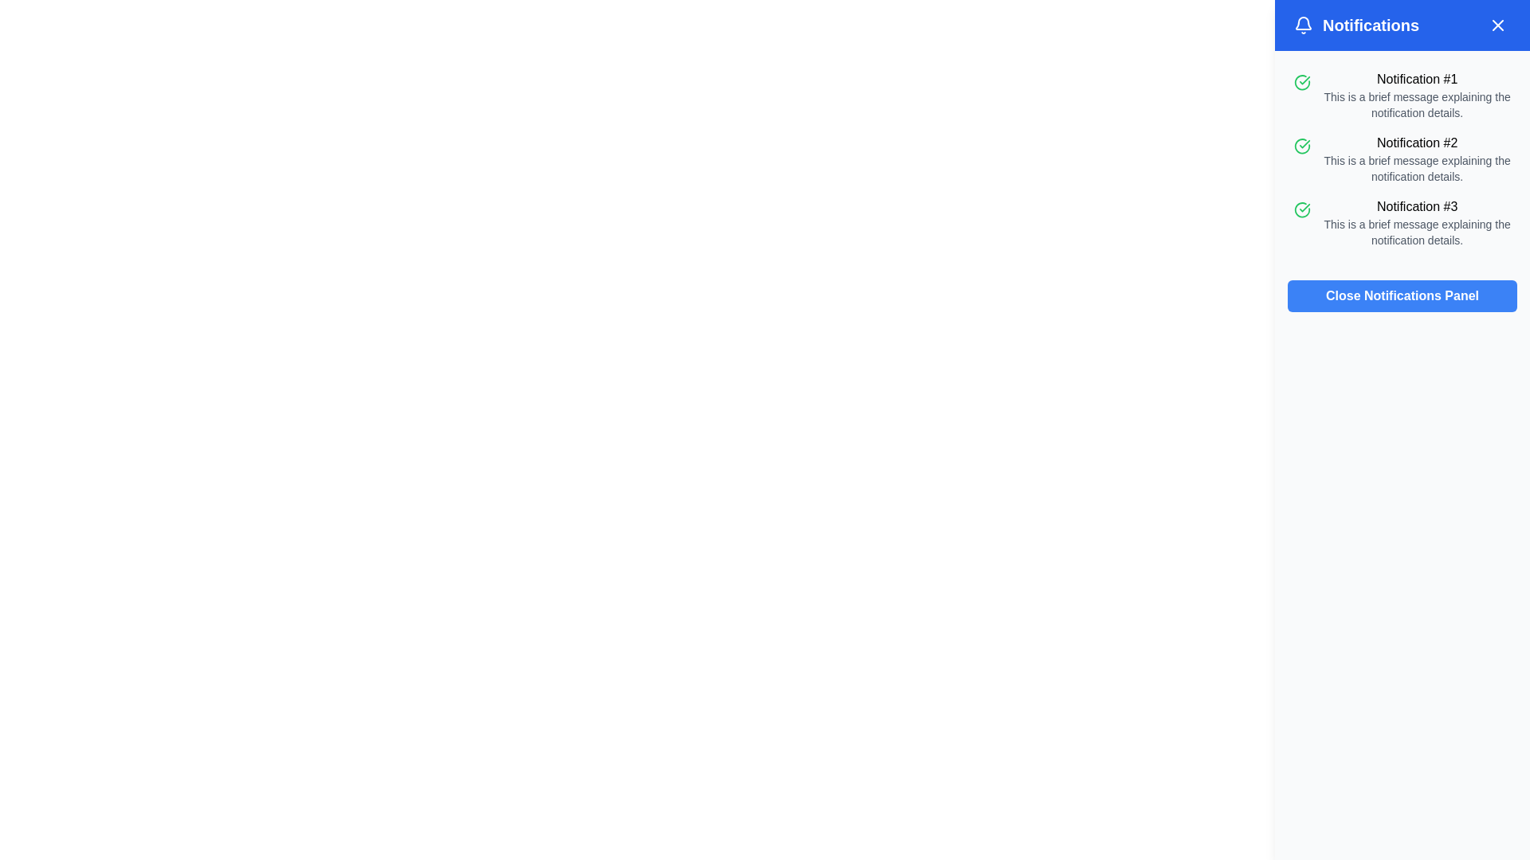 Image resolution: width=1530 pixels, height=860 pixels. I want to click on the small gray text message under 'Notification #1' in the notifications panel, so click(1417, 104).